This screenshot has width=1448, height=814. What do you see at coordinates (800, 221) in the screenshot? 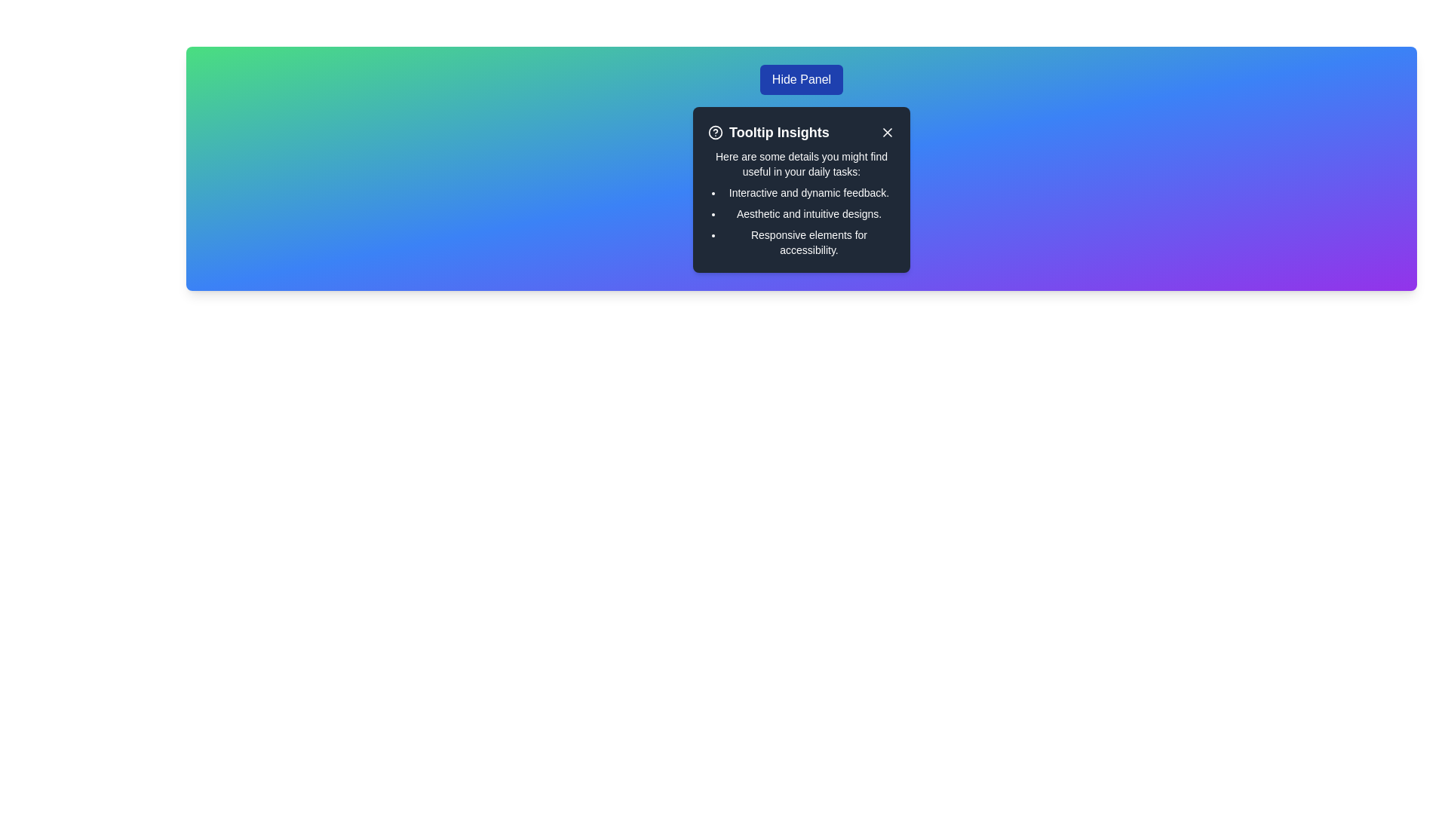
I see `the bulleted list located within the tooltip-like panel, which contains the phrases: 'Interactive and dynamic feedback.', 'Aesthetic and intuitive designs.', and 'Responsive elements for accessibility.'` at bounding box center [800, 221].